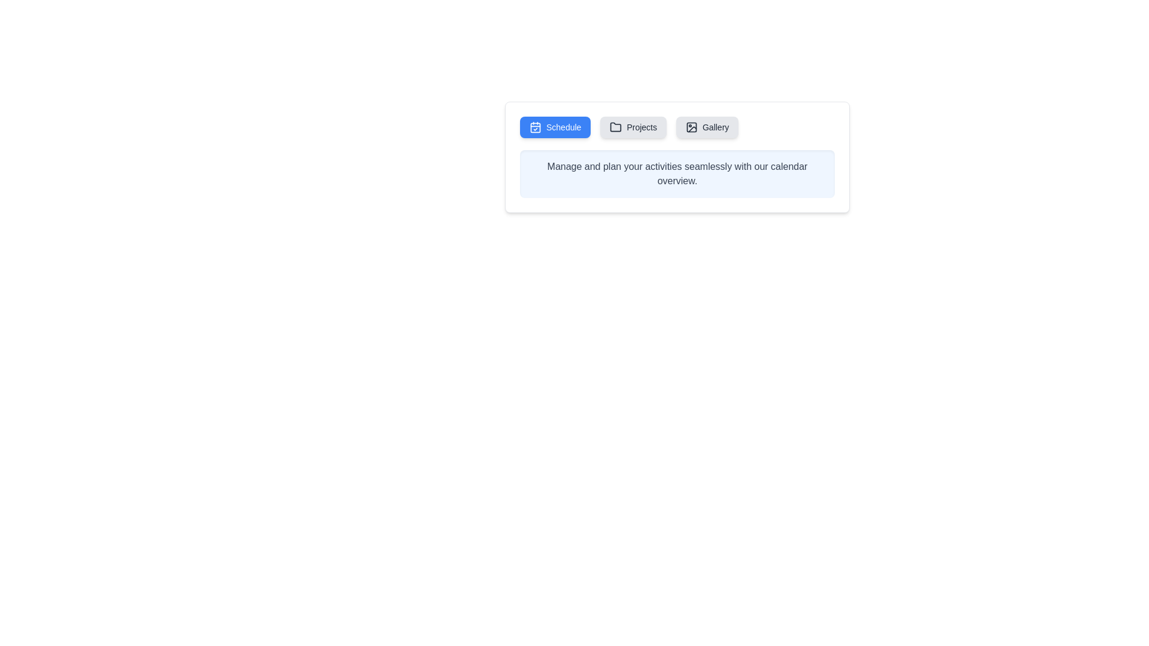 The height and width of the screenshot is (646, 1149). I want to click on the tab labeled Schedule to view its content, so click(554, 127).